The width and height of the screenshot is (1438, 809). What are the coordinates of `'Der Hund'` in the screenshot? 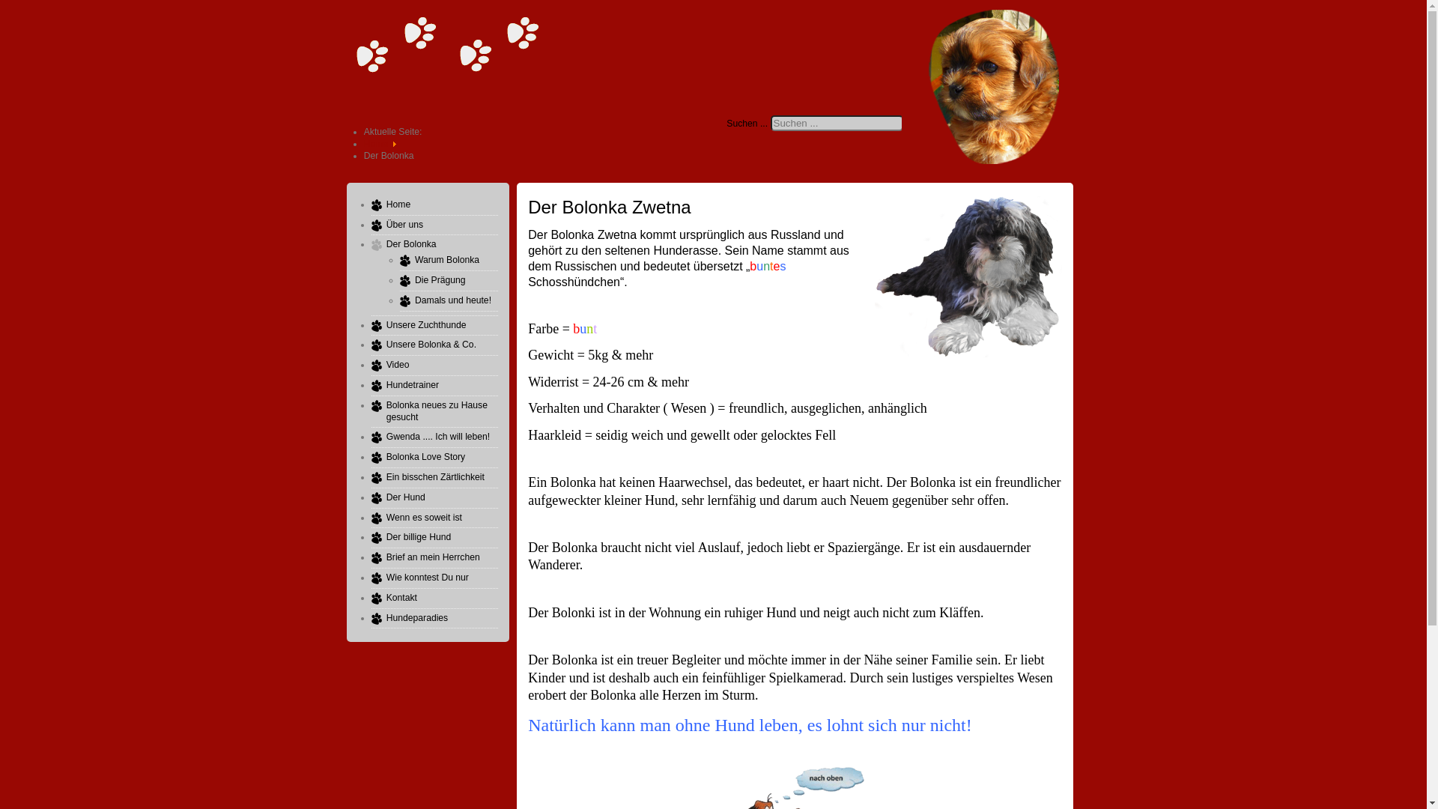 It's located at (406, 497).